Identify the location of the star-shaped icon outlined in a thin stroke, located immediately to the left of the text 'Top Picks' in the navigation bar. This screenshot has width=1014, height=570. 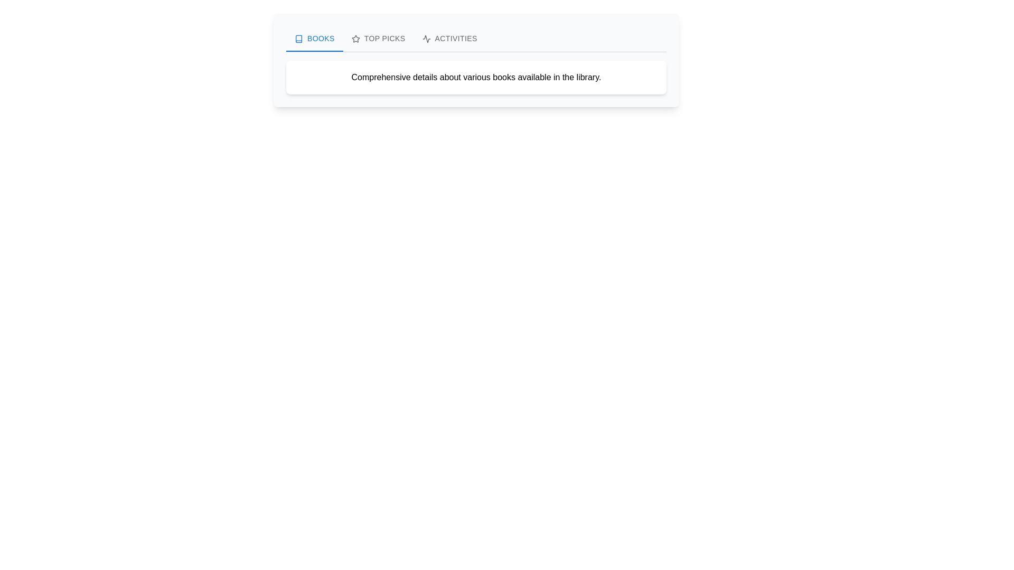
(355, 38).